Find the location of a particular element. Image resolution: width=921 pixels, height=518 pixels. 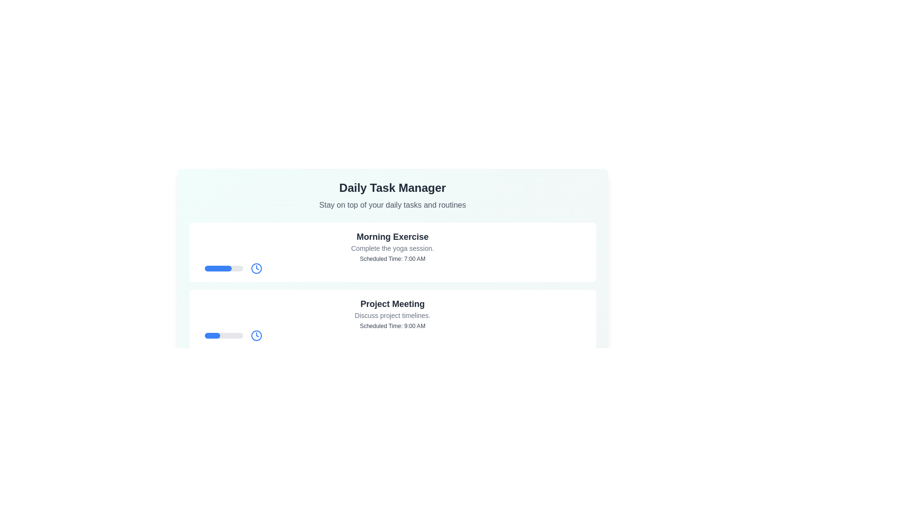

the graphical circle within the clock icon located on the right side of the progress bar for the 'Project Meeting' task, which enhances the visual representation of time-related functionality is located at coordinates (256, 335).